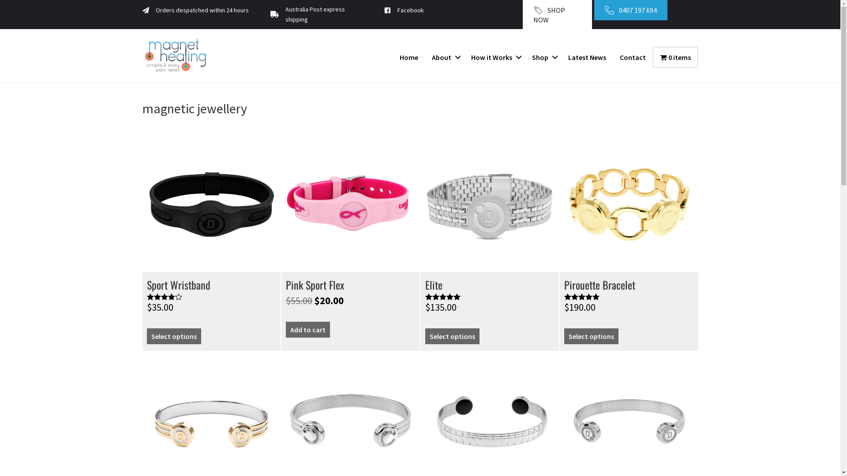 The width and height of the screenshot is (847, 476). Describe the element at coordinates (211, 203) in the screenshot. I see `'Bioflow-Sport-Black-Black-F'` at that location.